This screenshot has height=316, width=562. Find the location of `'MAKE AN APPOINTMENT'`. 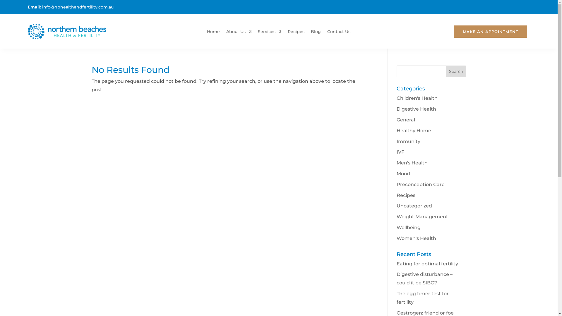

'MAKE AN APPOINTMENT' is located at coordinates (490, 32).